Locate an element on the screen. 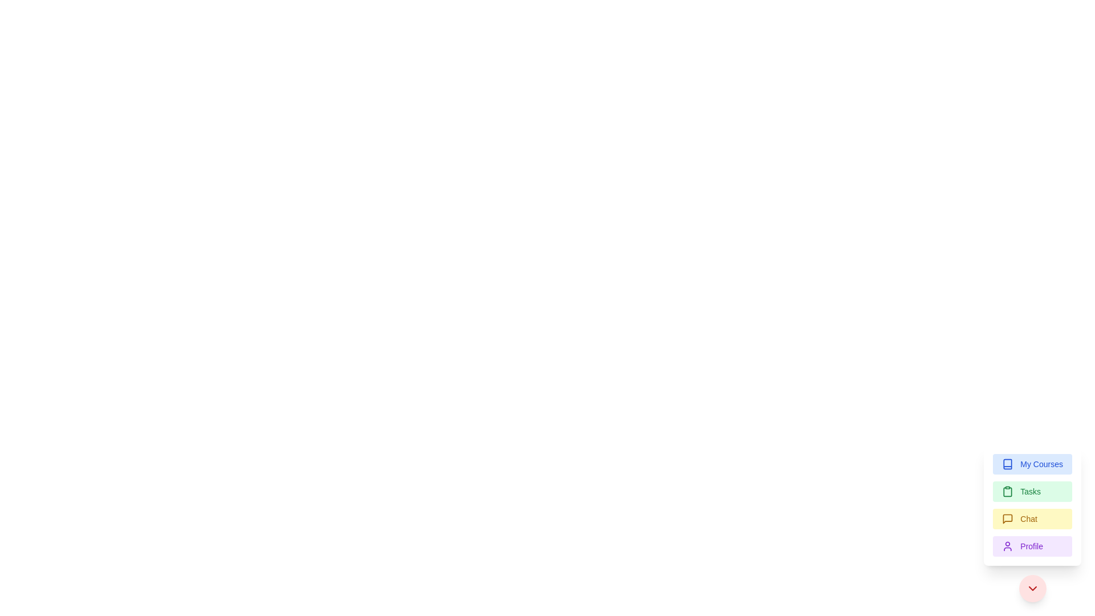  the clipboard icon located in the sidebar under the 'Tasks' label is located at coordinates (1007, 491).